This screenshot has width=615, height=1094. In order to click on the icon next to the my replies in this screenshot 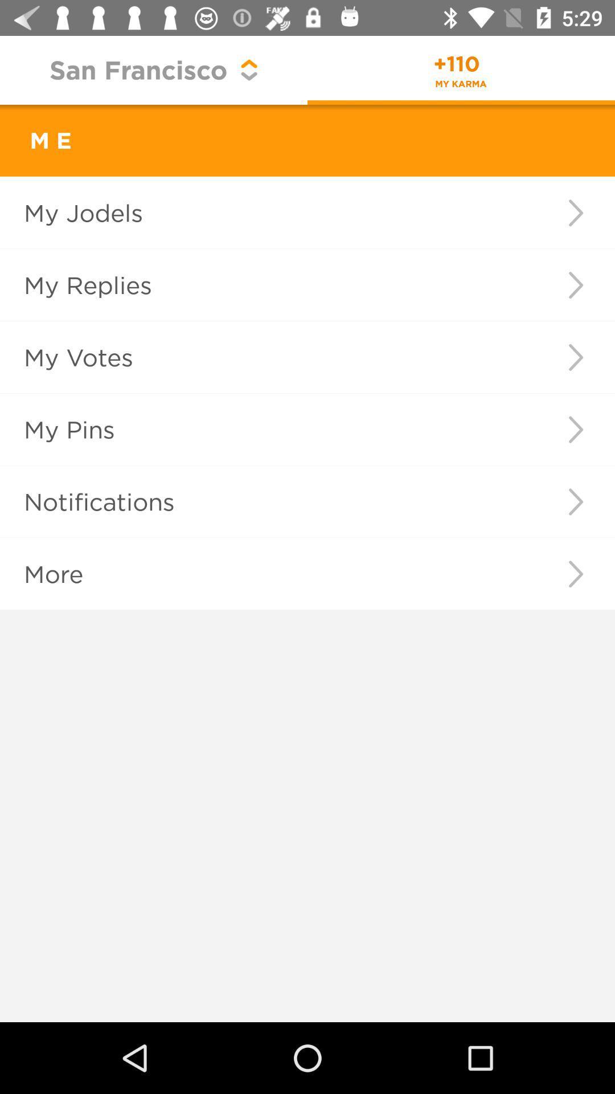, I will do `click(576, 285)`.